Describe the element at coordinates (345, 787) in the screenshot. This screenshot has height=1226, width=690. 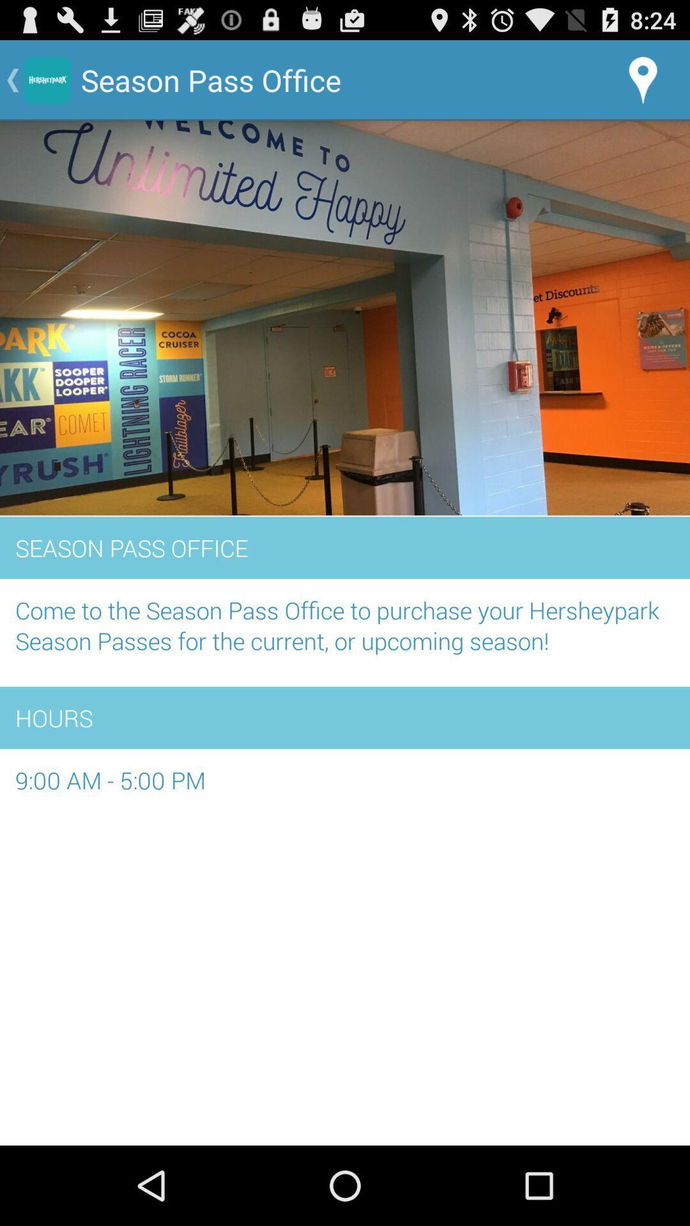
I see `9 00 am` at that location.